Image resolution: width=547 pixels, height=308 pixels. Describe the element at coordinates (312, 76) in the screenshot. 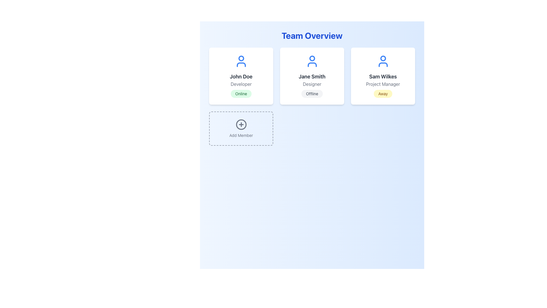

I see `the static text label displaying the user's name, which is located in the second card of three cards on the page, positioned between 'John Doe' and 'Sam Wilkes', beneath the user icon and above the descriptor 'Designer'` at that location.